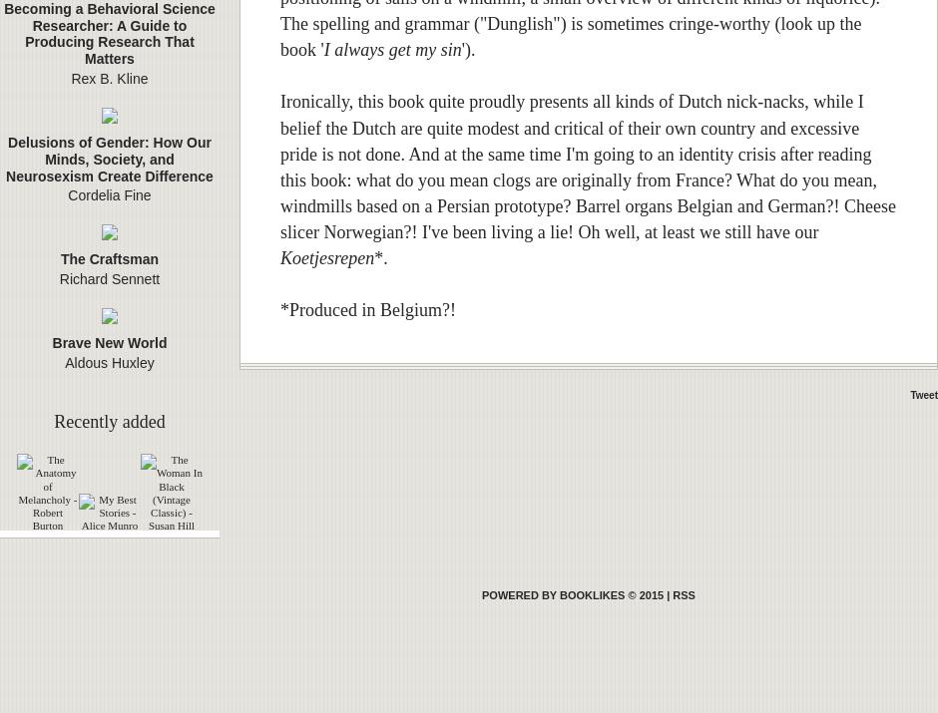  Describe the element at coordinates (682, 594) in the screenshot. I see `'RSS'` at that location.